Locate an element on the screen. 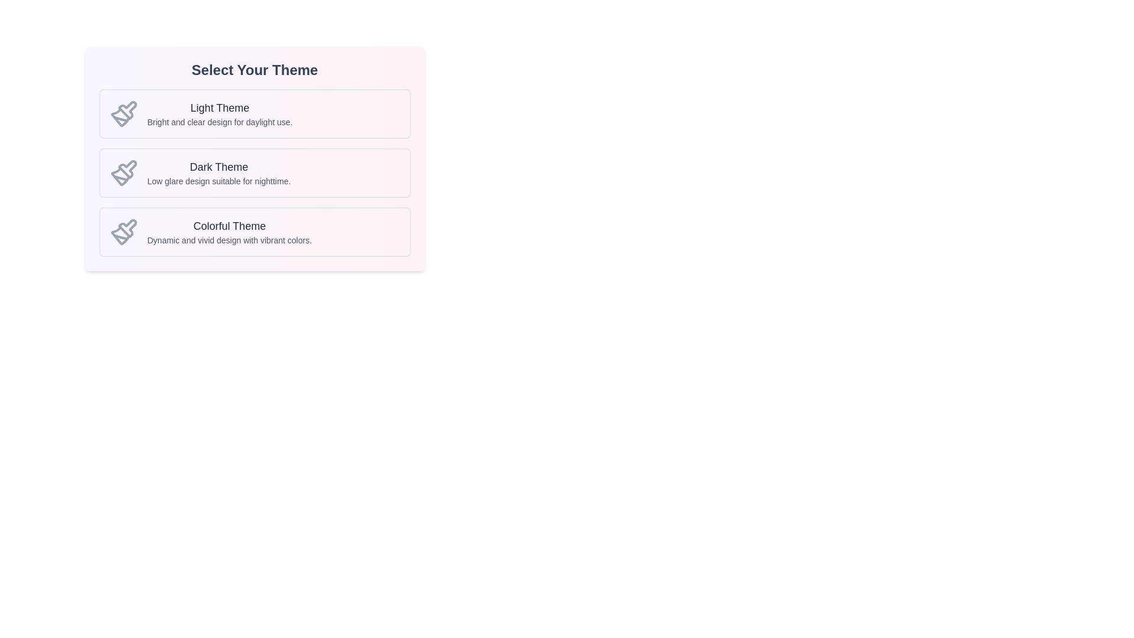 This screenshot has height=638, width=1134. the bold text label 'Select Your Theme', which is styled in dark gray and centered at the top of the theme options section is located at coordinates (254, 70).